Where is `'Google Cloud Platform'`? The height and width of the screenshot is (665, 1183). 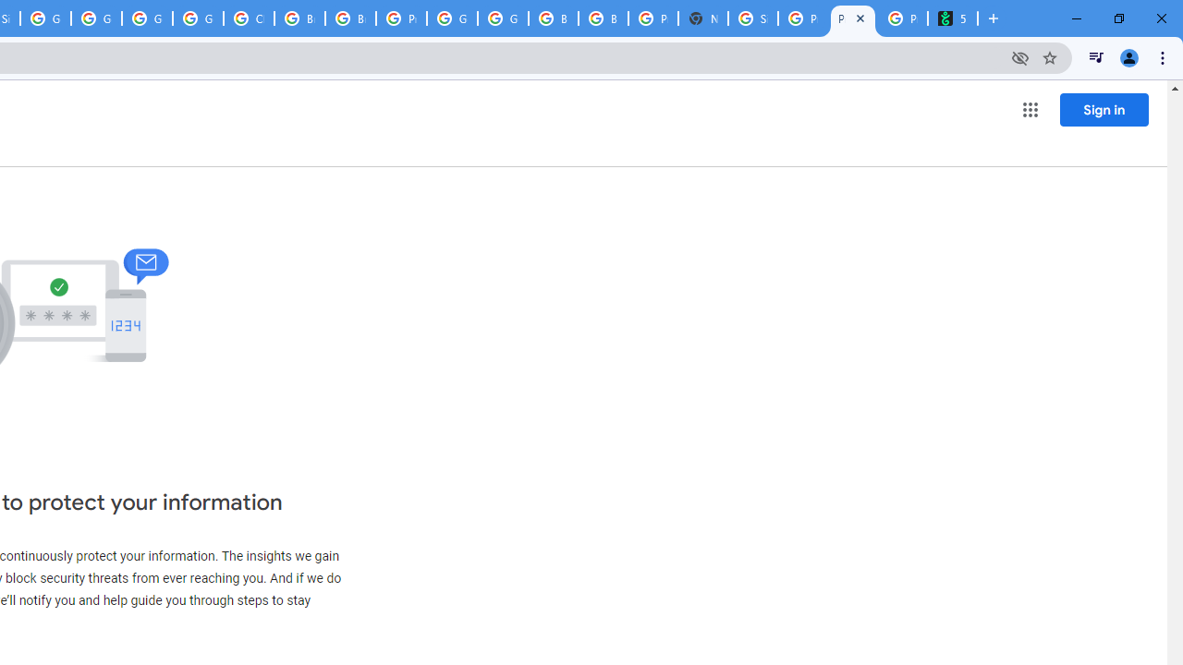
'Google Cloud Platform' is located at coordinates (452, 18).